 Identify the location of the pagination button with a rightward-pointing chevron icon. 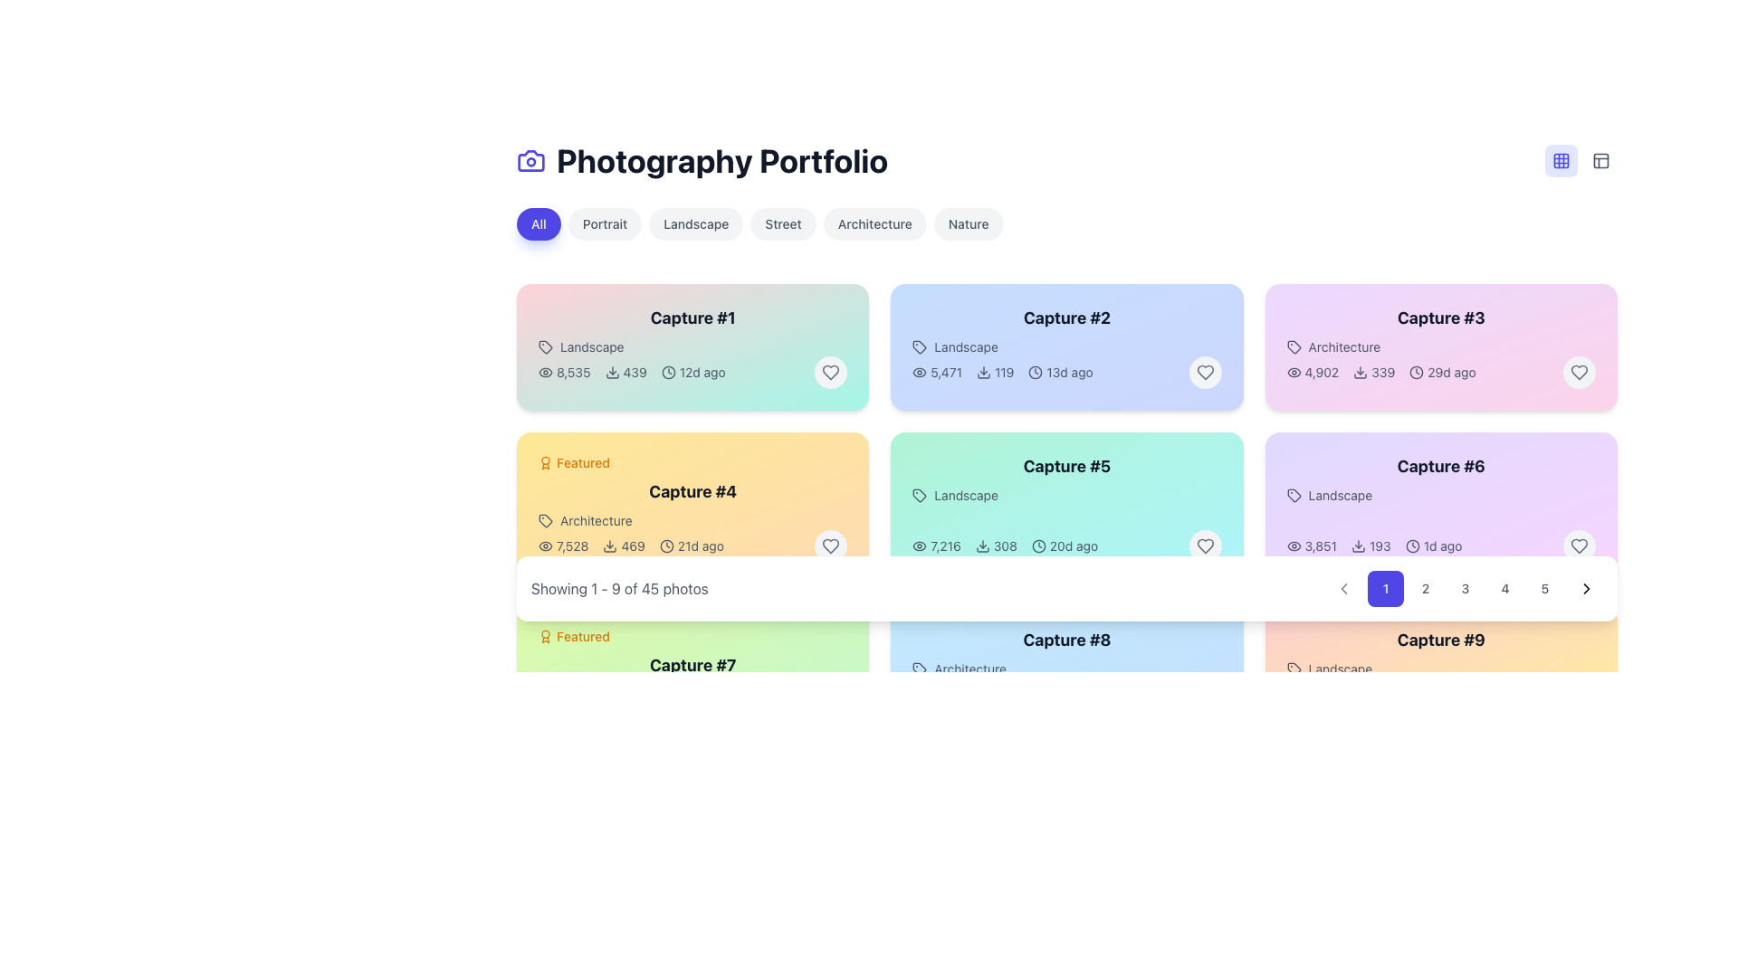
(1585, 589).